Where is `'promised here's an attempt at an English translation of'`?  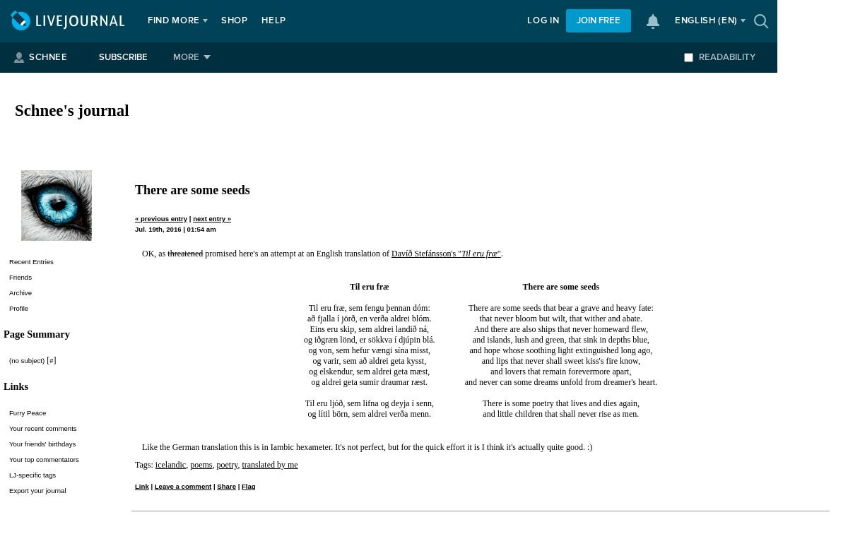 'promised here's an attempt at an English translation of' is located at coordinates (297, 252).